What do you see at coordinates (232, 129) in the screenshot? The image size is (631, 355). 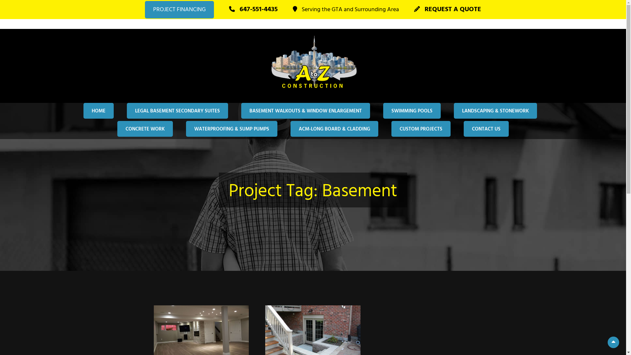 I see `'WATERPROOFING & SUMP PUMPS'` at bounding box center [232, 129].